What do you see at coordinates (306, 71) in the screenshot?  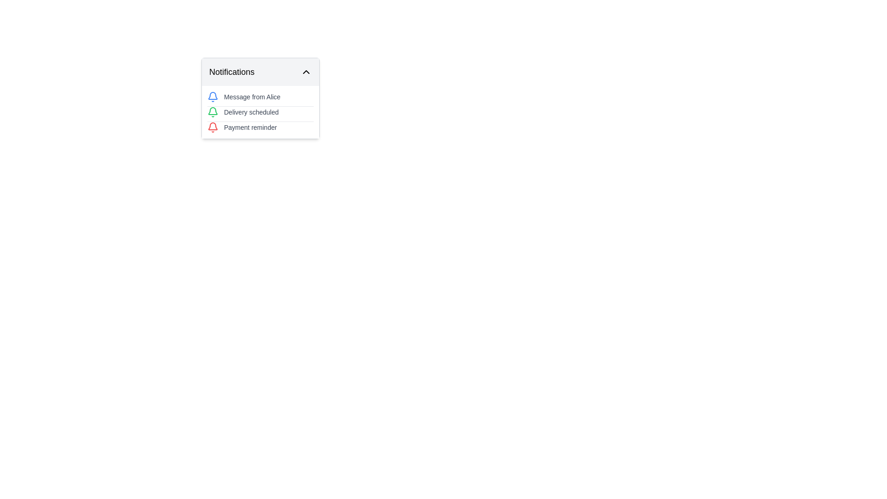 I see `the downward-pointing chevron icon located in the Notifications section header` at bounding box center [306, 71].